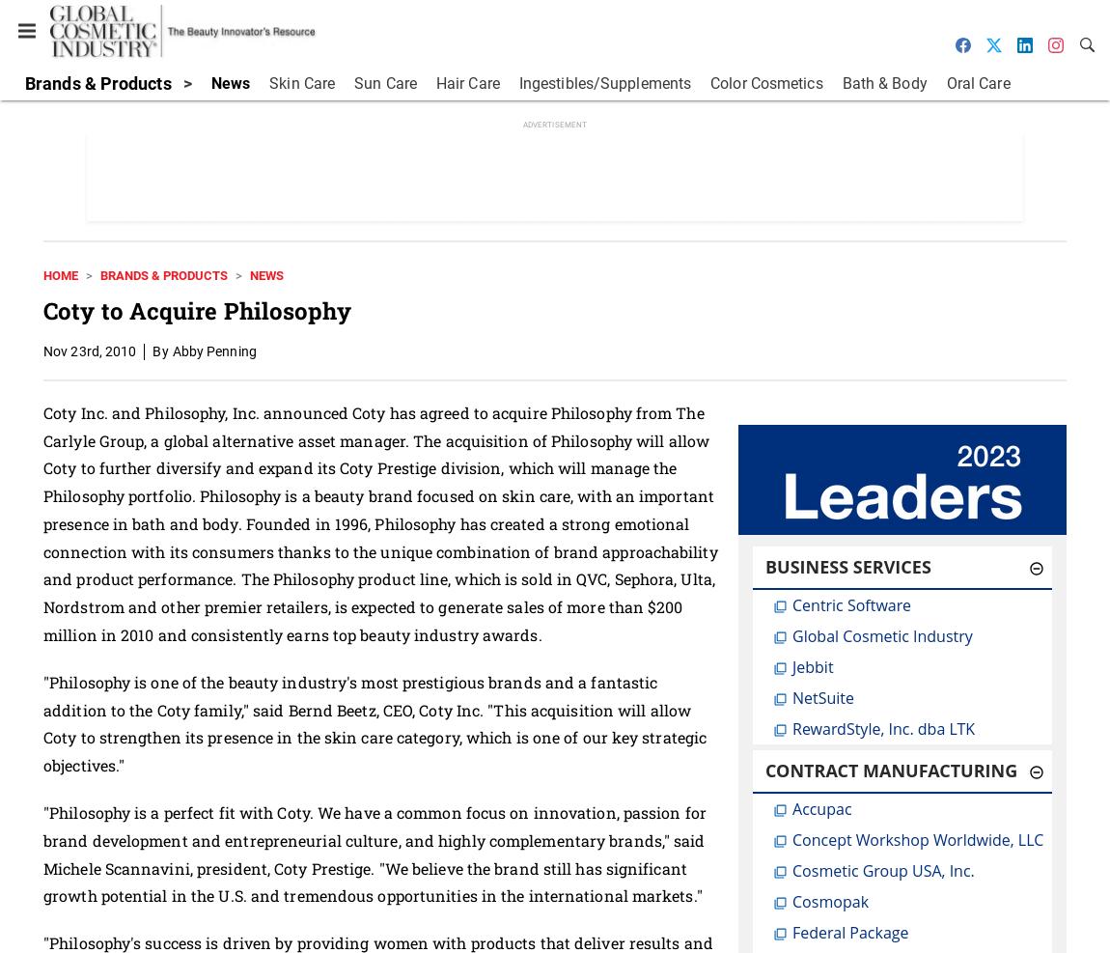  Describe the element at coordinates (918, 839) in the screenshot. I see `'Concept Workshop Worldwide, LLC'` at that location.